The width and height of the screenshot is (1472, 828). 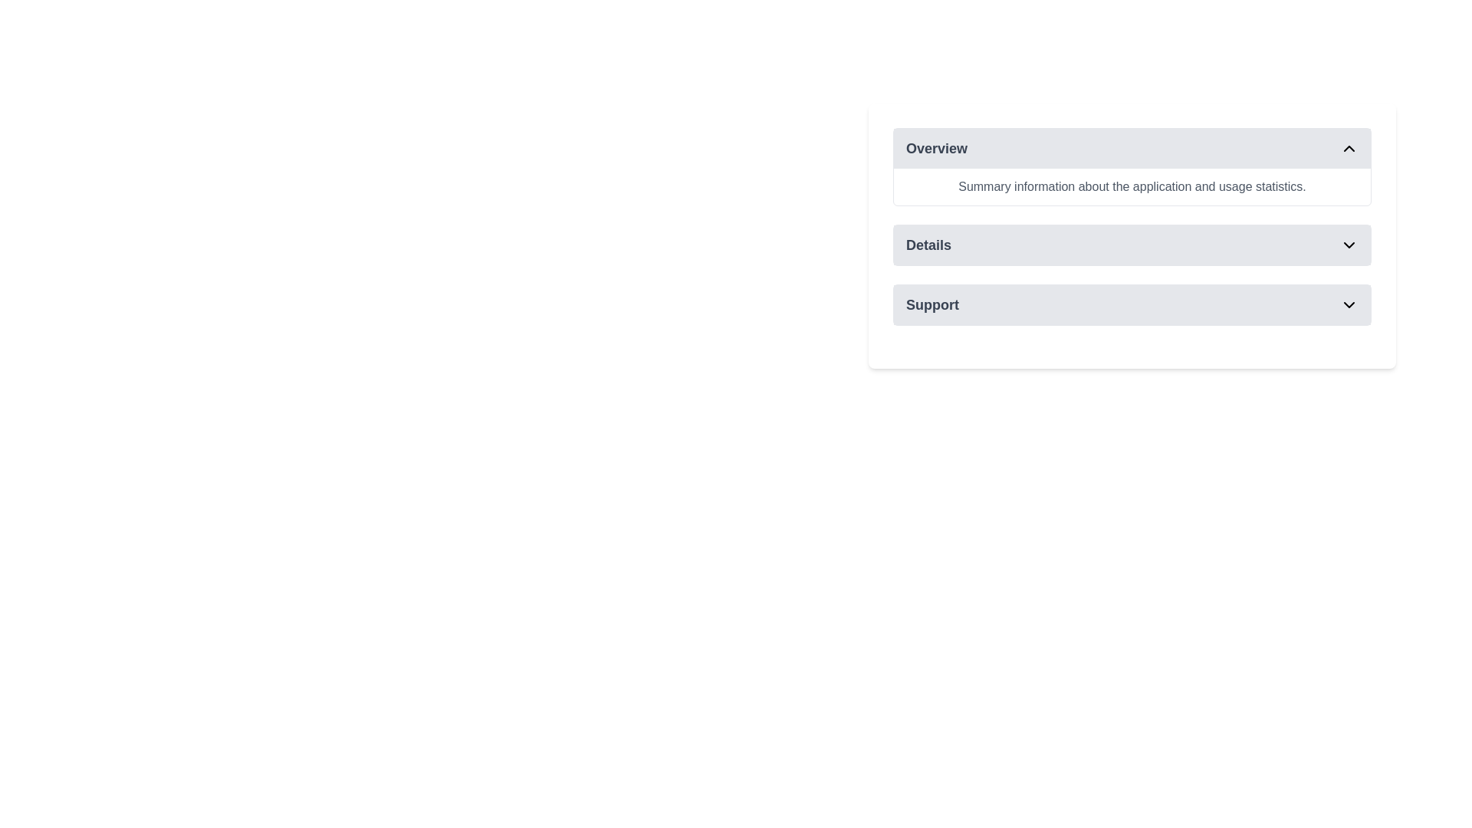 I want to click on the dropdown menu button related to 'Support', so click(x=1132, y=304).